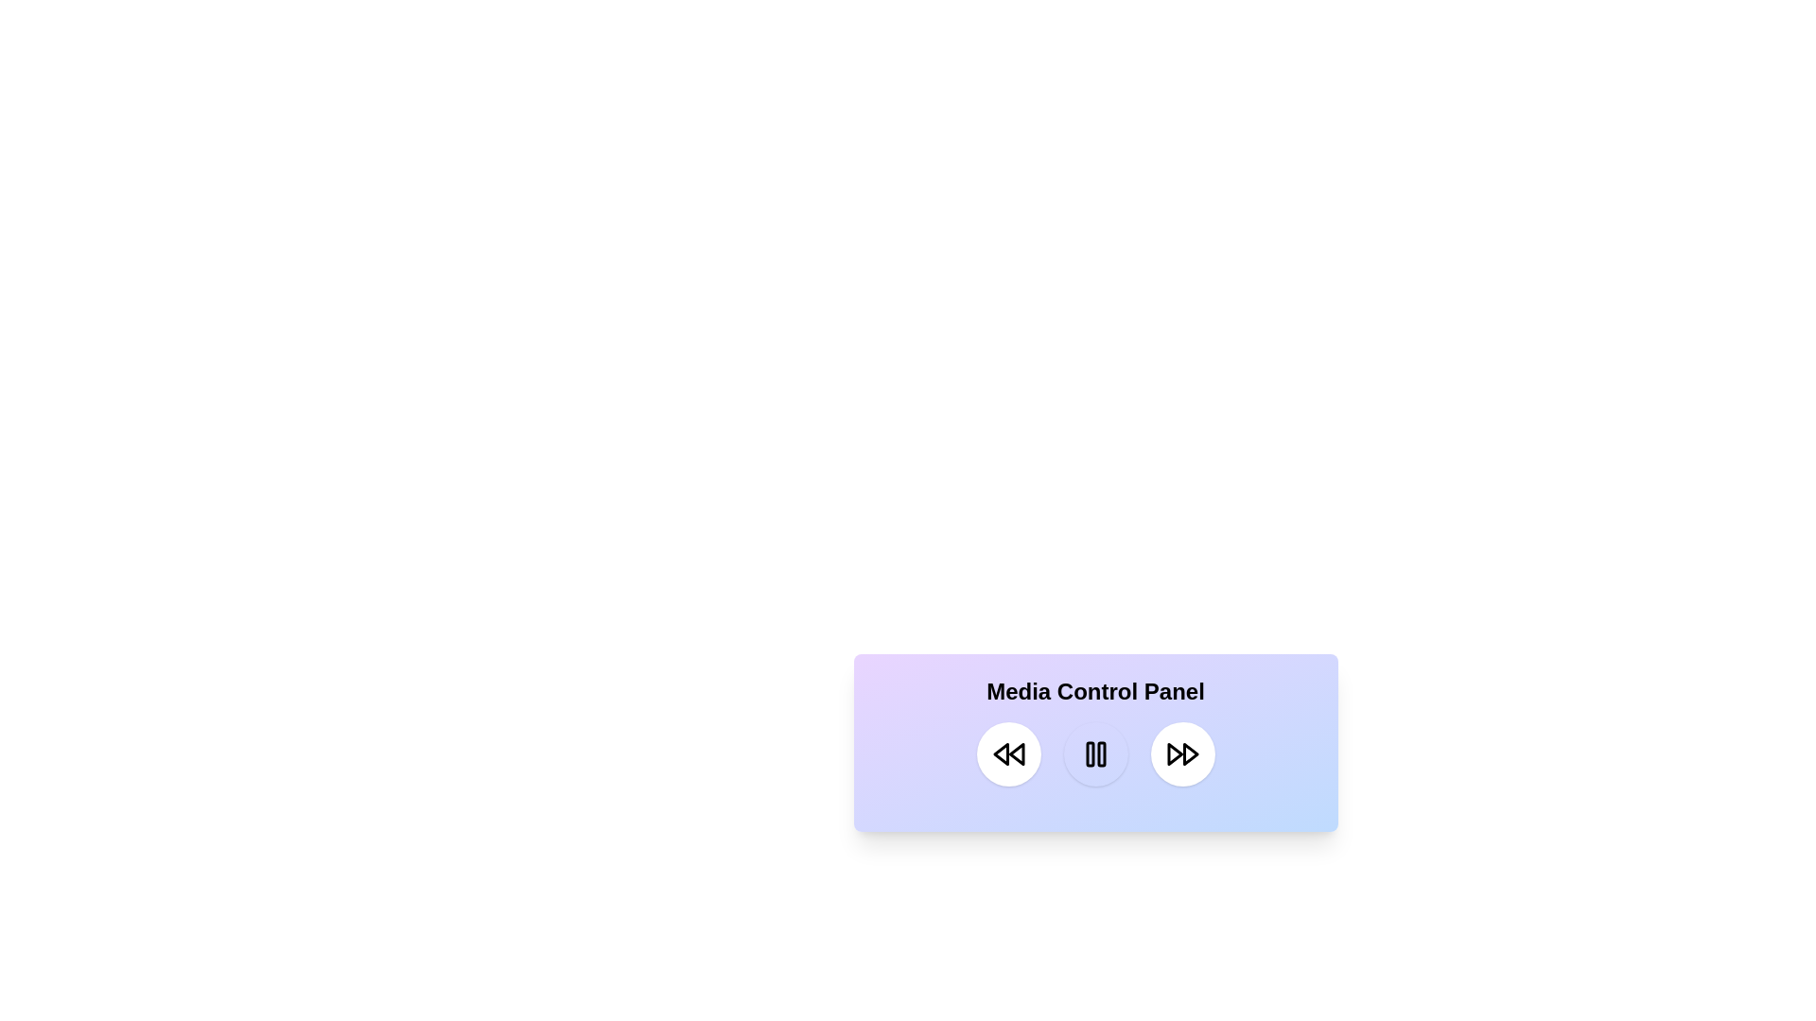  Describe the element at coordinates (1101, 753) in the screenshot. I see `the right vertical bar of the pause button icon located centrally in the media control interface to visualize the pause function` at that location.